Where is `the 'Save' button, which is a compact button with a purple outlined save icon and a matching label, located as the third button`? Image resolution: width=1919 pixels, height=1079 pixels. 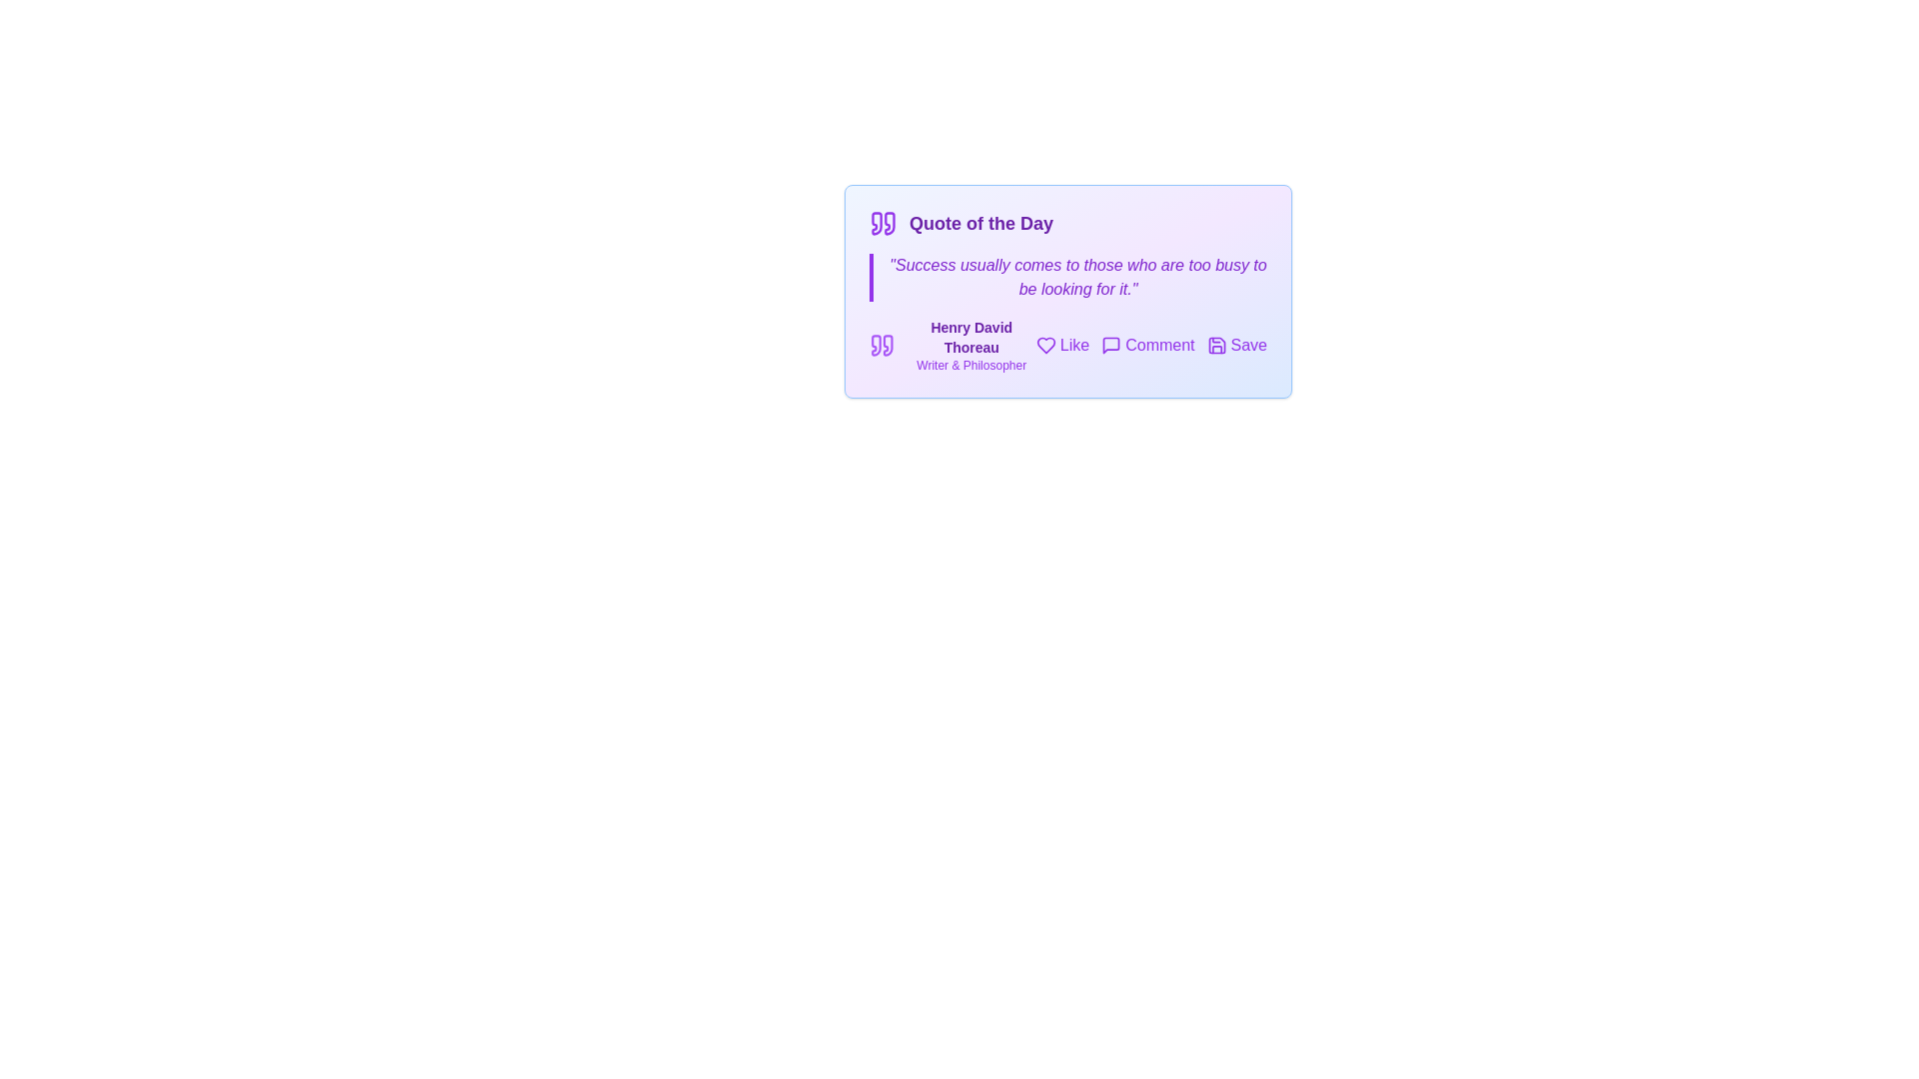 the 'Save' button, which is a compact button with a purple outlined save icon and a matching label, located as the third button is located at coordinates (1235, 345).